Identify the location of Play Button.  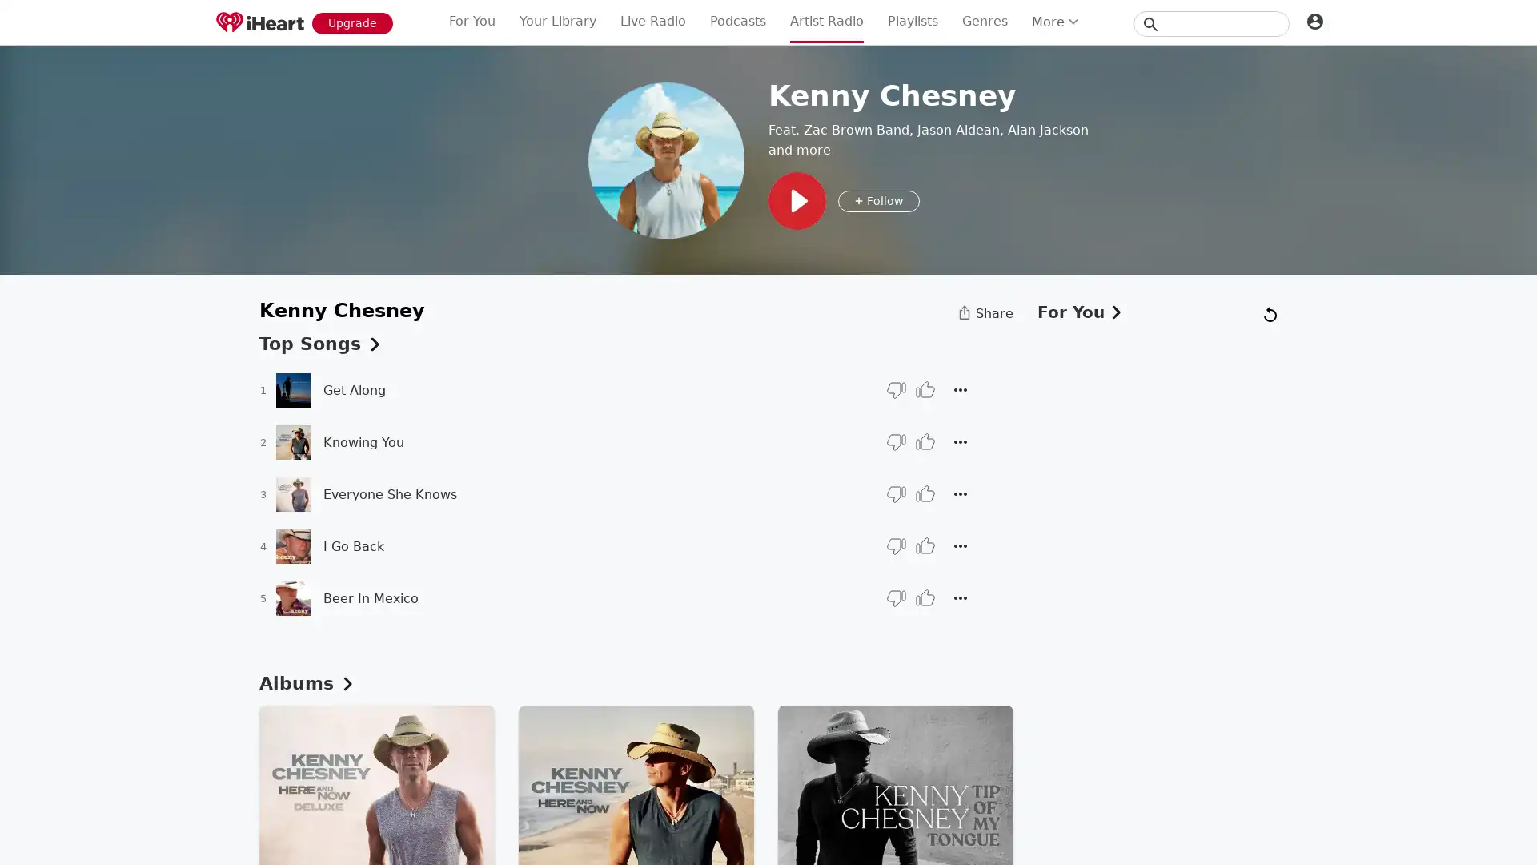
(764, 827).